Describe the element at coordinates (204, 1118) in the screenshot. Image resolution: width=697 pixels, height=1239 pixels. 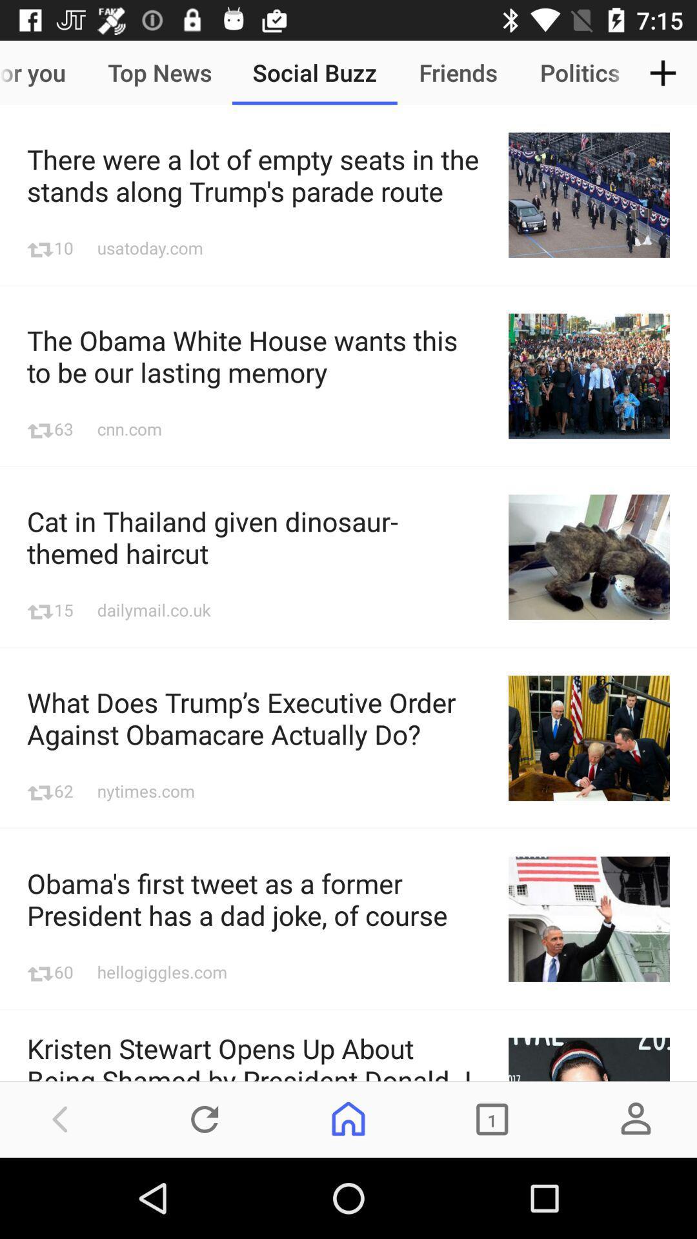
I see `second icon from the bottom left` at that location.